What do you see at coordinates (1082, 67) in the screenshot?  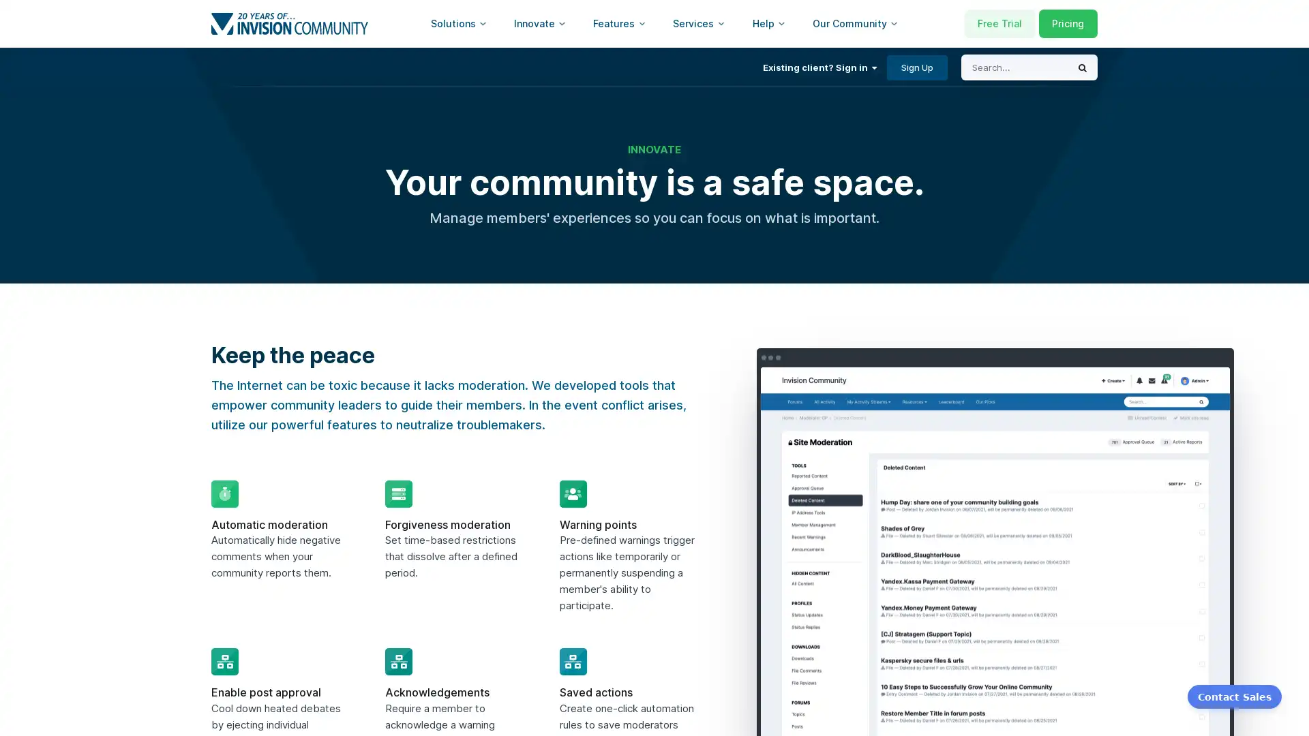 I see `Search` at bounding box center [1082, 67].